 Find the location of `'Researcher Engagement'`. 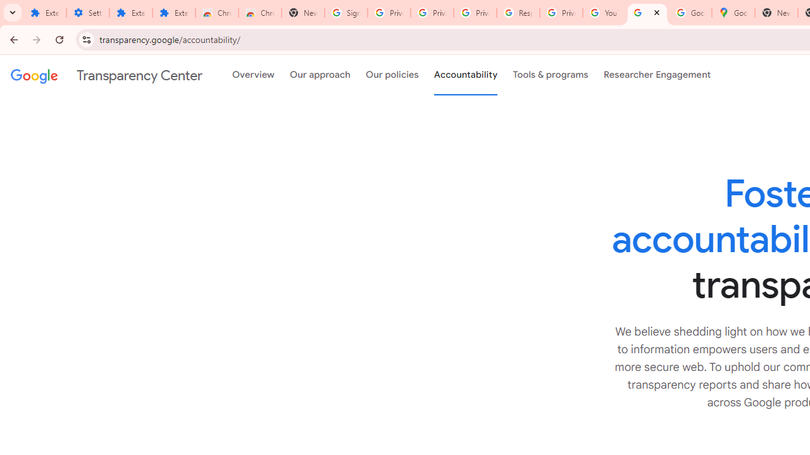

'Researcher Engagement' is located at coordinates (657, 75).